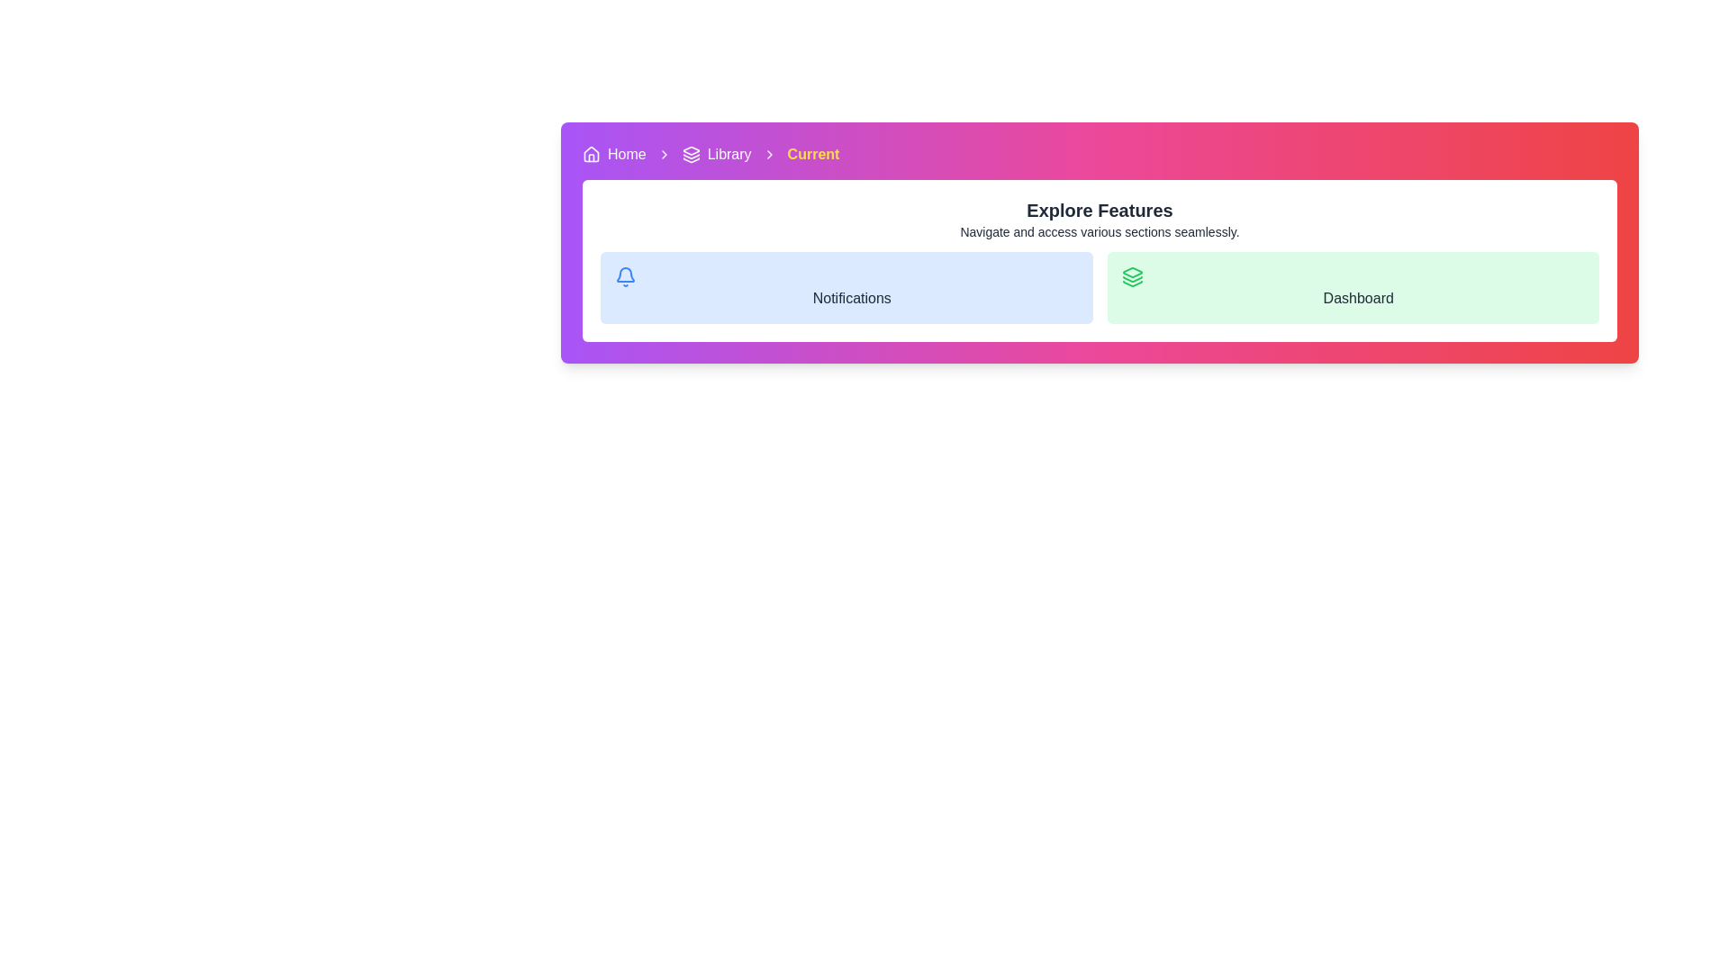 This screenshot has width=1729, height=972. I want to click on the 'Library' hyperlink in the breadcrumb navigation bar, so click(729, 154).